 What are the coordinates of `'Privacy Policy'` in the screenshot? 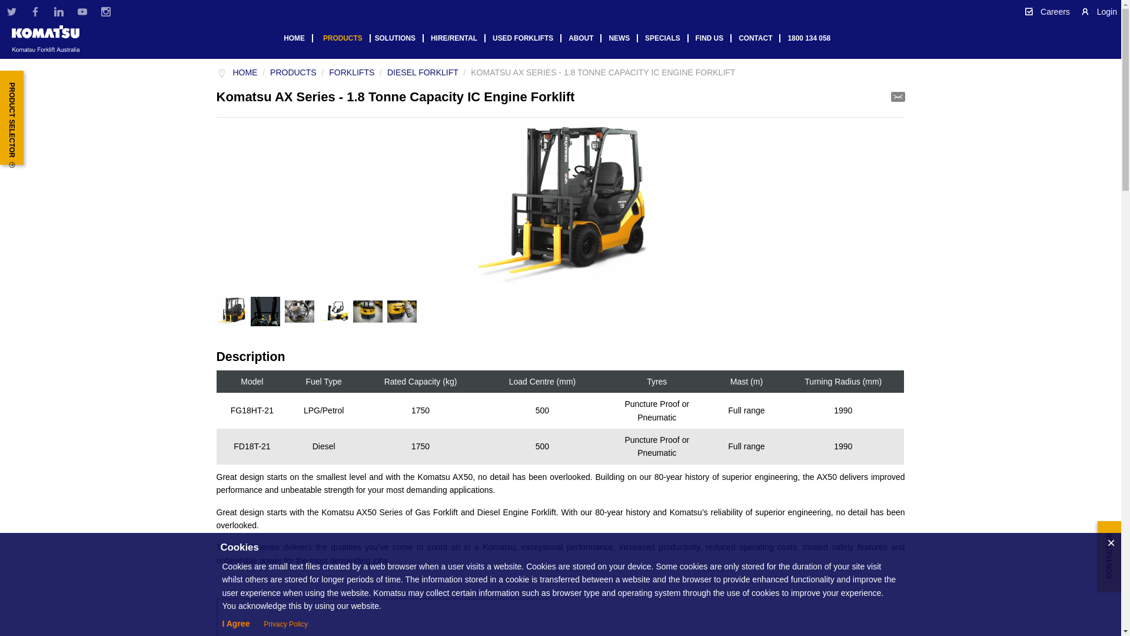 It's located at (285, 624).